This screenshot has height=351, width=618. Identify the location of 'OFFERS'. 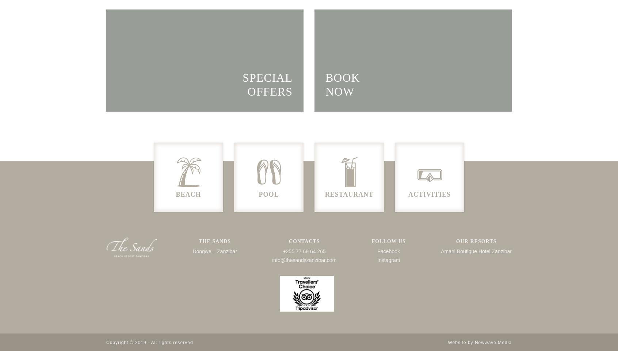
(270, 91).